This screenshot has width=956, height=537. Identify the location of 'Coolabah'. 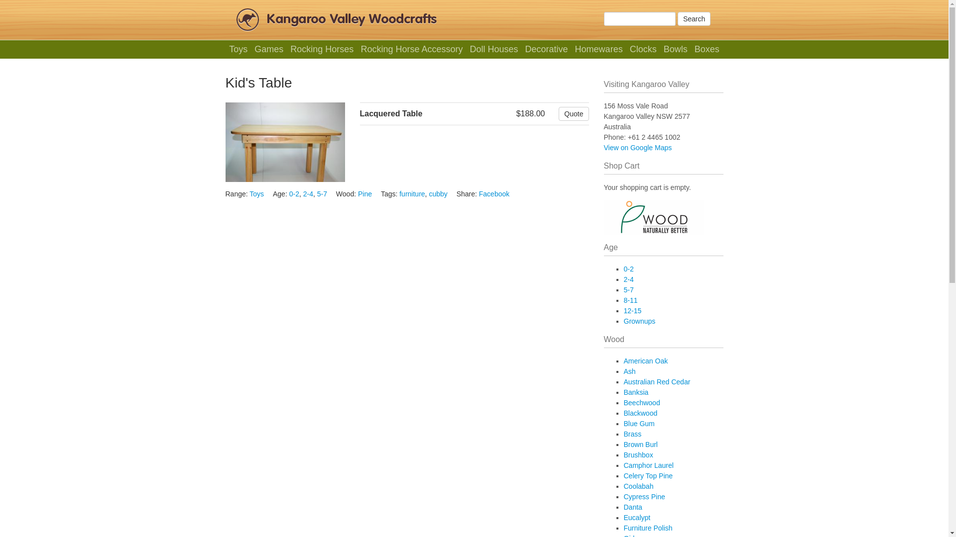
(623, 486).